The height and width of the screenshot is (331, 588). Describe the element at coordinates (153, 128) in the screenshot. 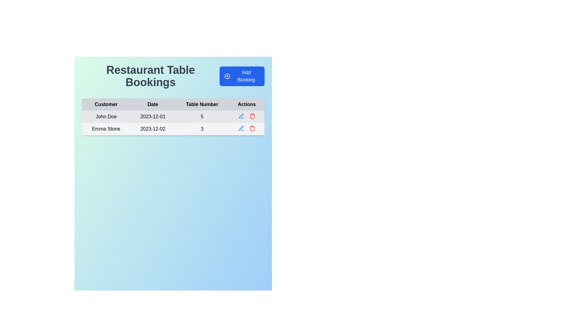

I see `the text label displaying the date '2023-12-02' in the 'Date' column of the table associated with 'Emma Stone'` at that location.